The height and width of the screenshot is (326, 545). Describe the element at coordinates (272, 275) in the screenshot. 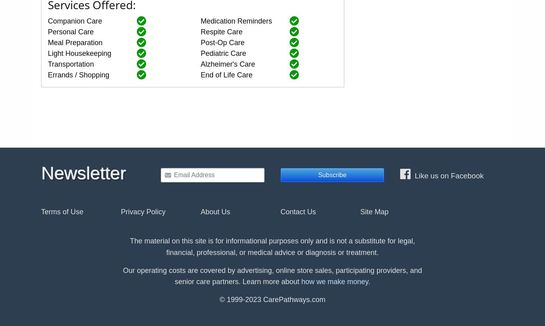

I see `'Our operating costs are covered by advertising, online store sales, participating providers, and senior care partners. Learn more about'` at that location.